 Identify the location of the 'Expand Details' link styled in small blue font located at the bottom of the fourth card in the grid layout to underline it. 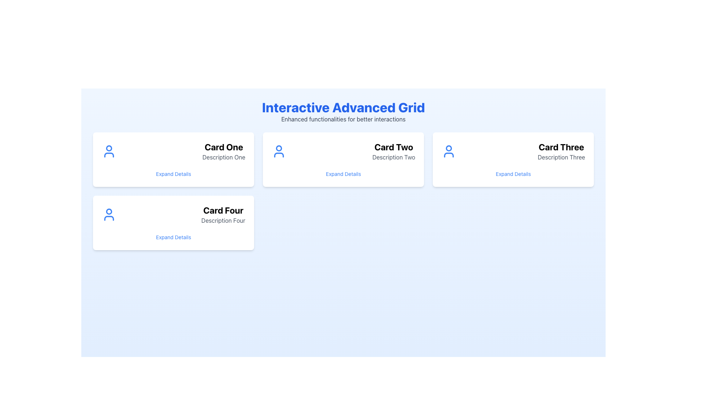
(173, 237).